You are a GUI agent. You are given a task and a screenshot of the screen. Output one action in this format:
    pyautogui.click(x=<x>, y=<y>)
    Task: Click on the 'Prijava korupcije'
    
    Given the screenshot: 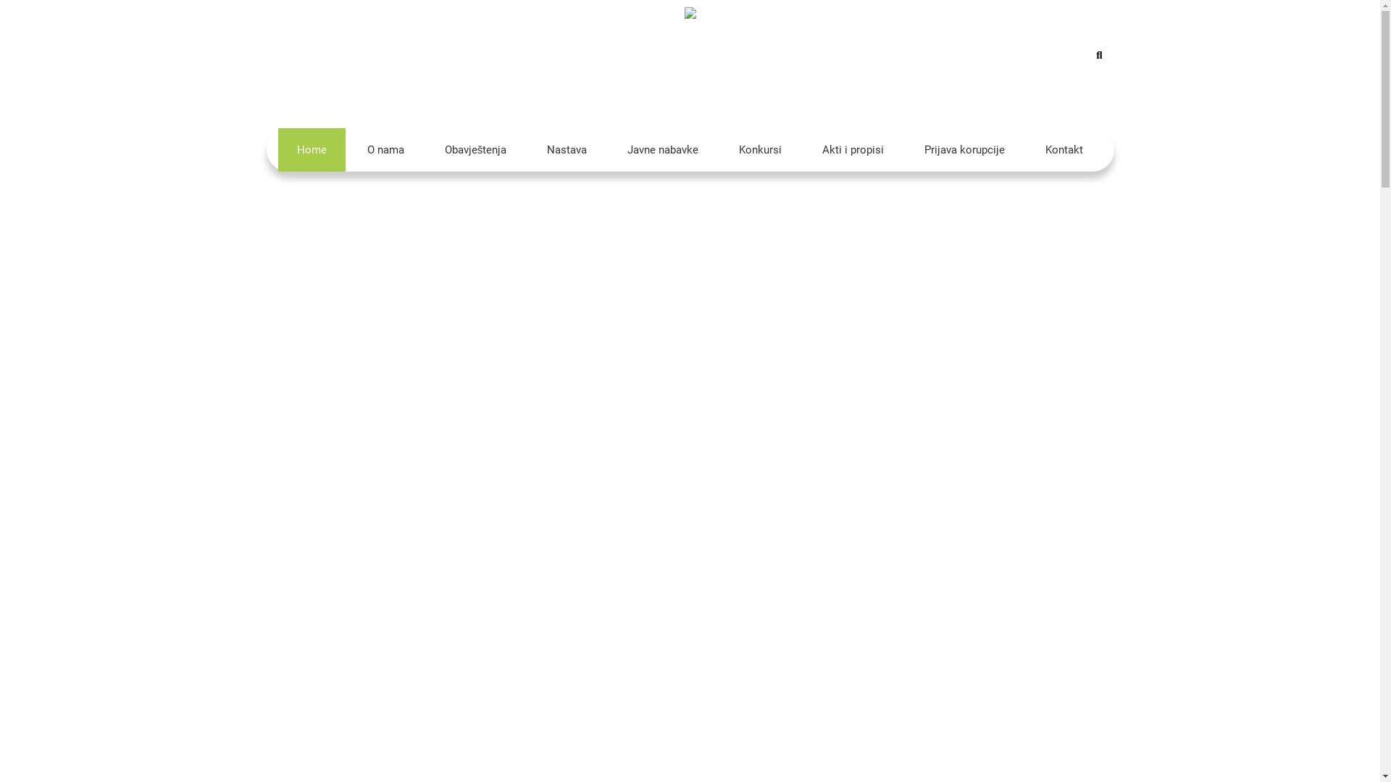 What is the action you would take?
    pyautogui.click(x=964, y=150)
    